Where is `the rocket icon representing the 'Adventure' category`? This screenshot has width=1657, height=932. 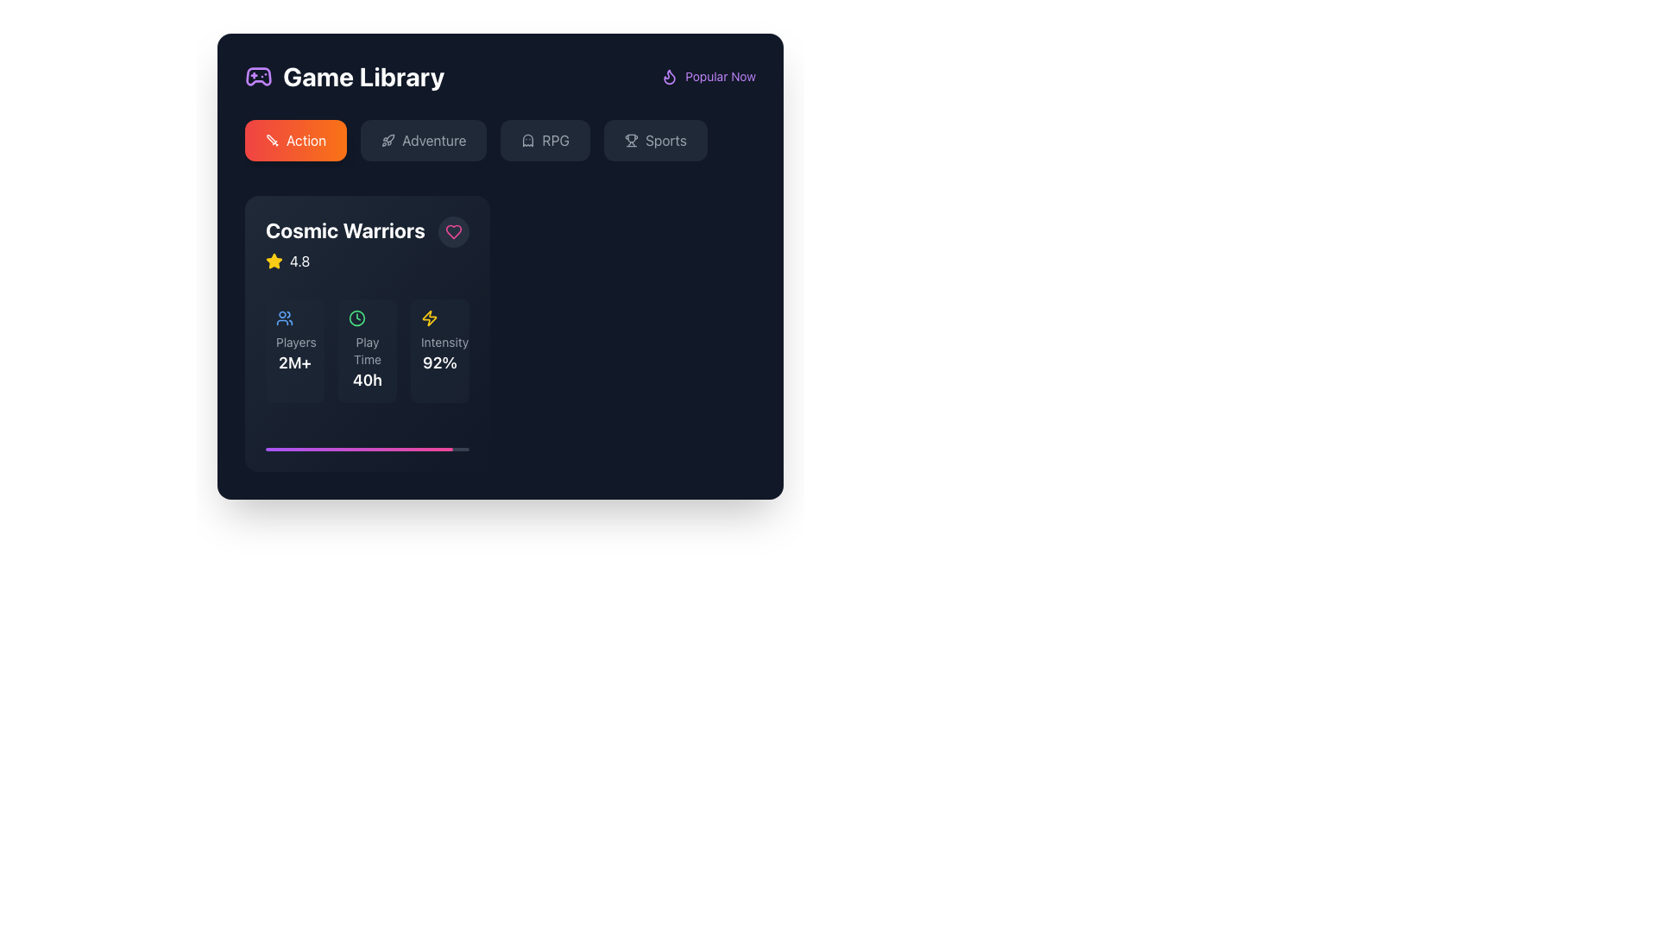 the rocket icon representing the 'Adventure' category is located at coordinates (387, 139).